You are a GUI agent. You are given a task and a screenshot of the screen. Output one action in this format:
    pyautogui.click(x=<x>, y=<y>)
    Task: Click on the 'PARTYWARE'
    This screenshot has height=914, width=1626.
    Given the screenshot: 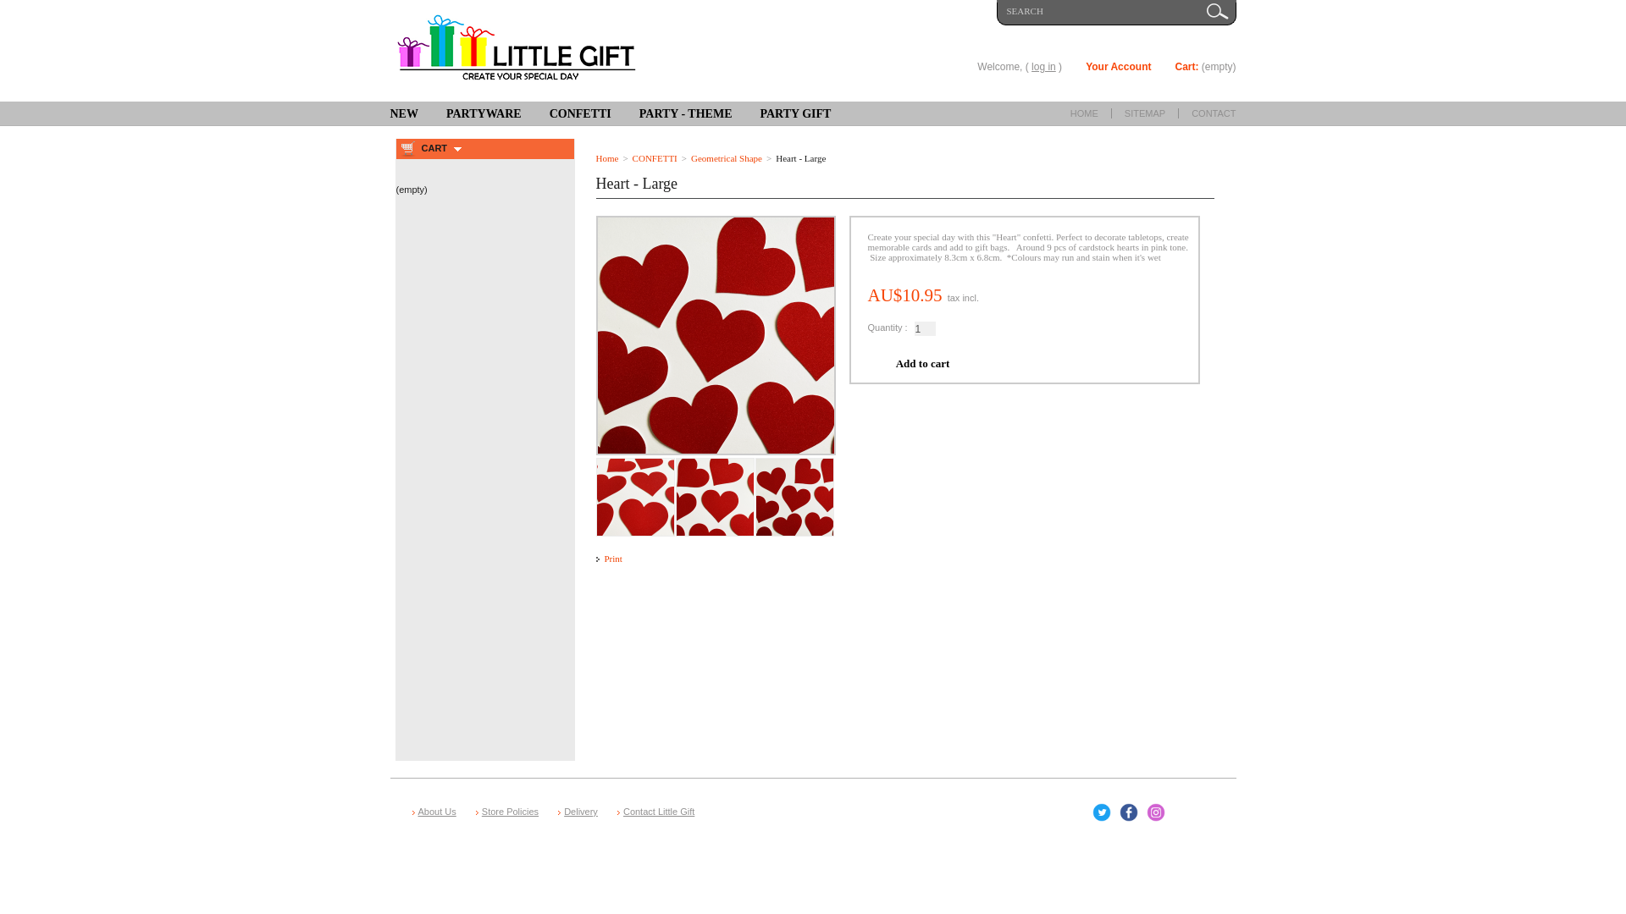 What is the action you would take?
    pyautogui.click(x=446, y=114)
    